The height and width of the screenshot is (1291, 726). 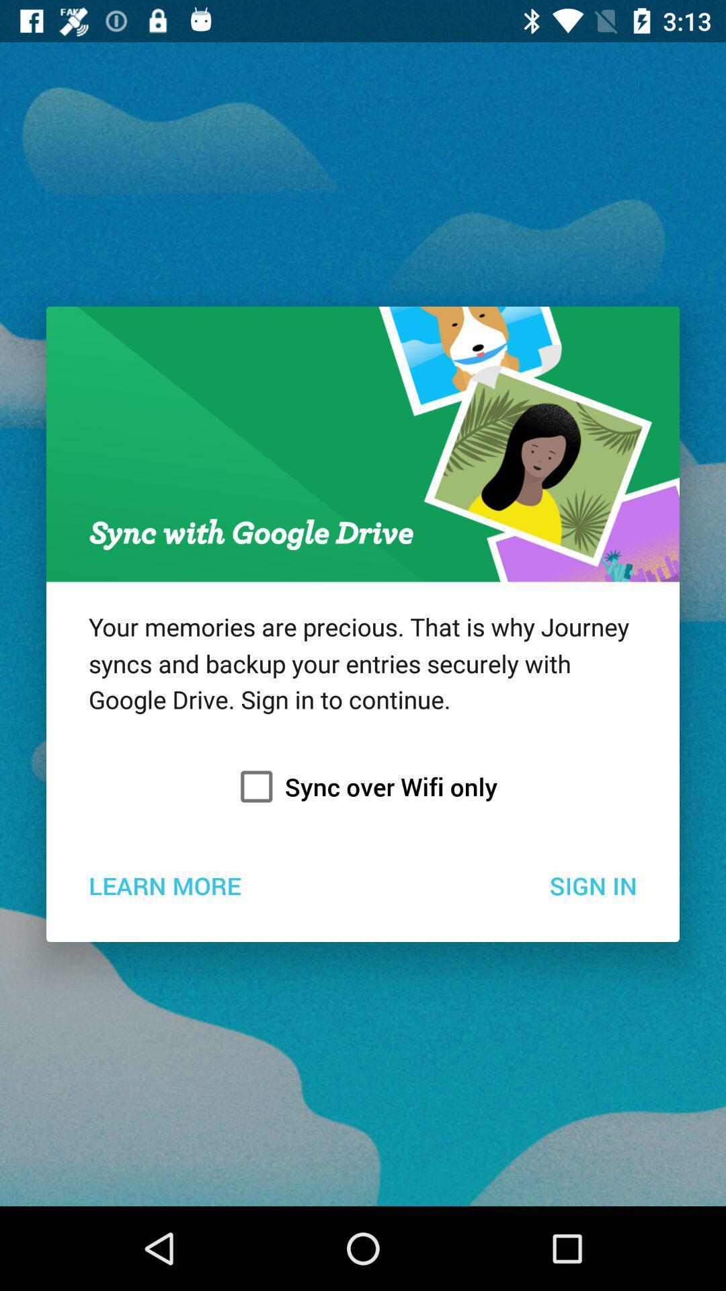 What do you see at coordinates (164, 885) in the screenshot?
I see `icon next to the sign in item` at bounding box center [164, 885].